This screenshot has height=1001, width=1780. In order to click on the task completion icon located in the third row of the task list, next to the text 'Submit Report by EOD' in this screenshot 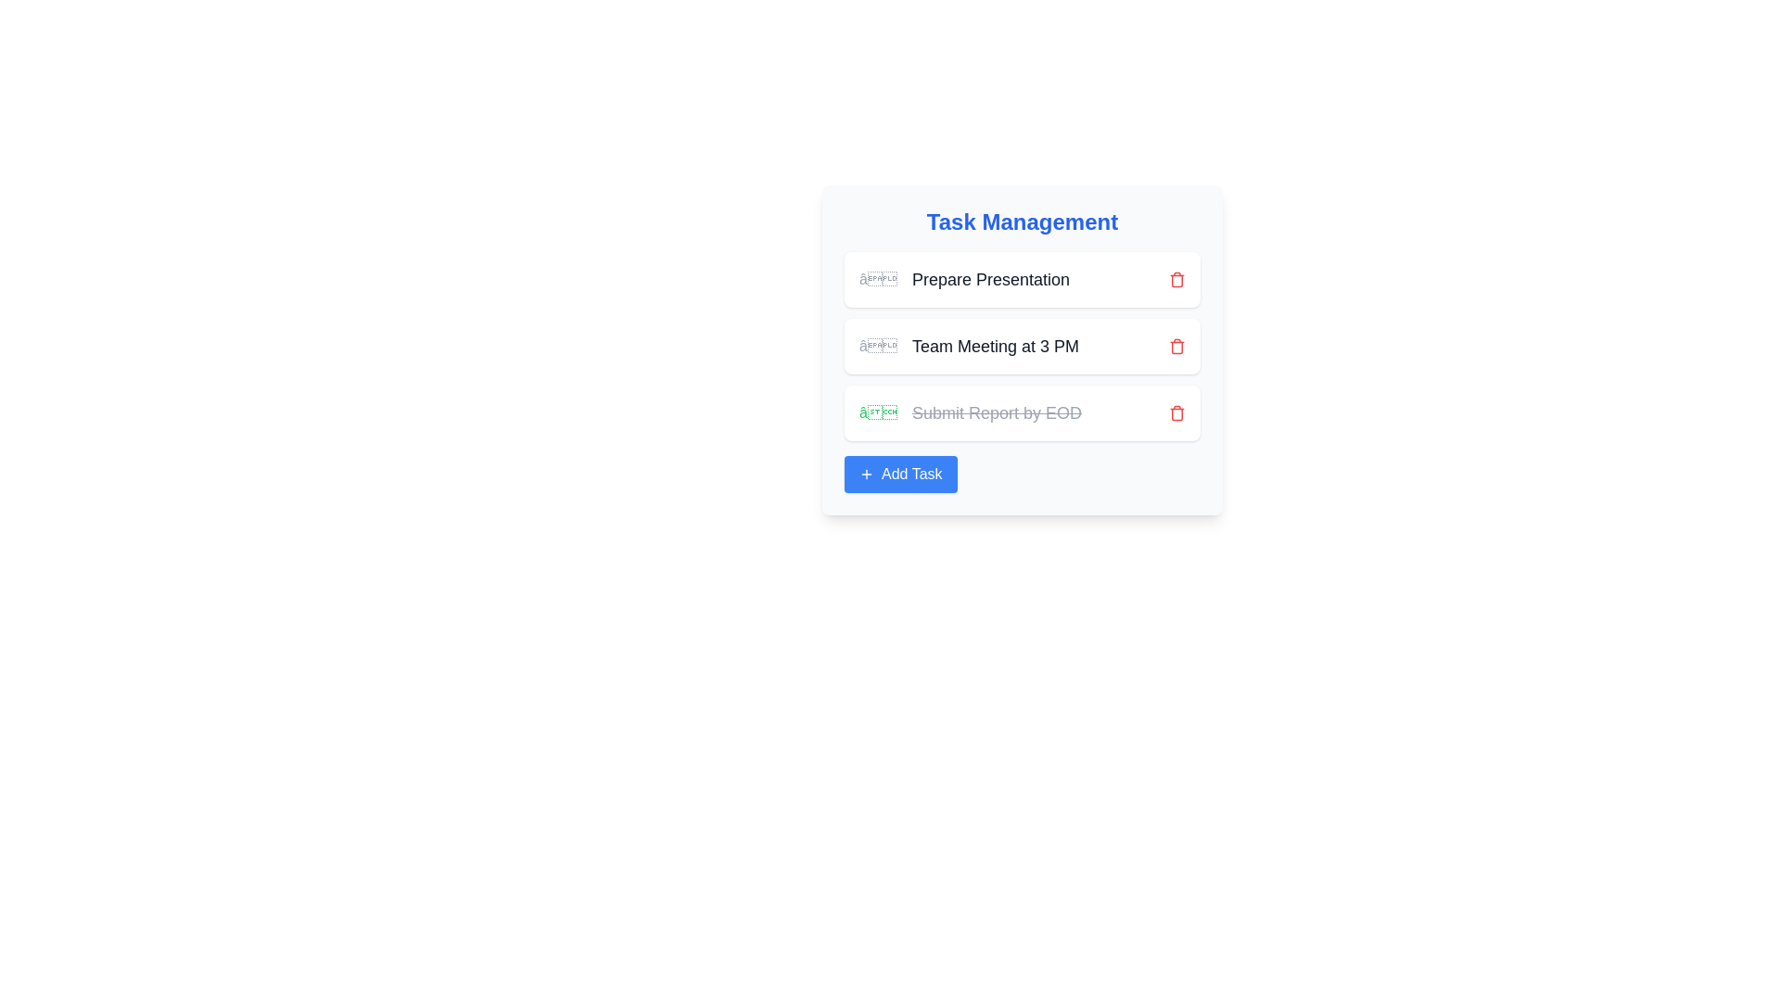, I will do `click(877, 412)`.